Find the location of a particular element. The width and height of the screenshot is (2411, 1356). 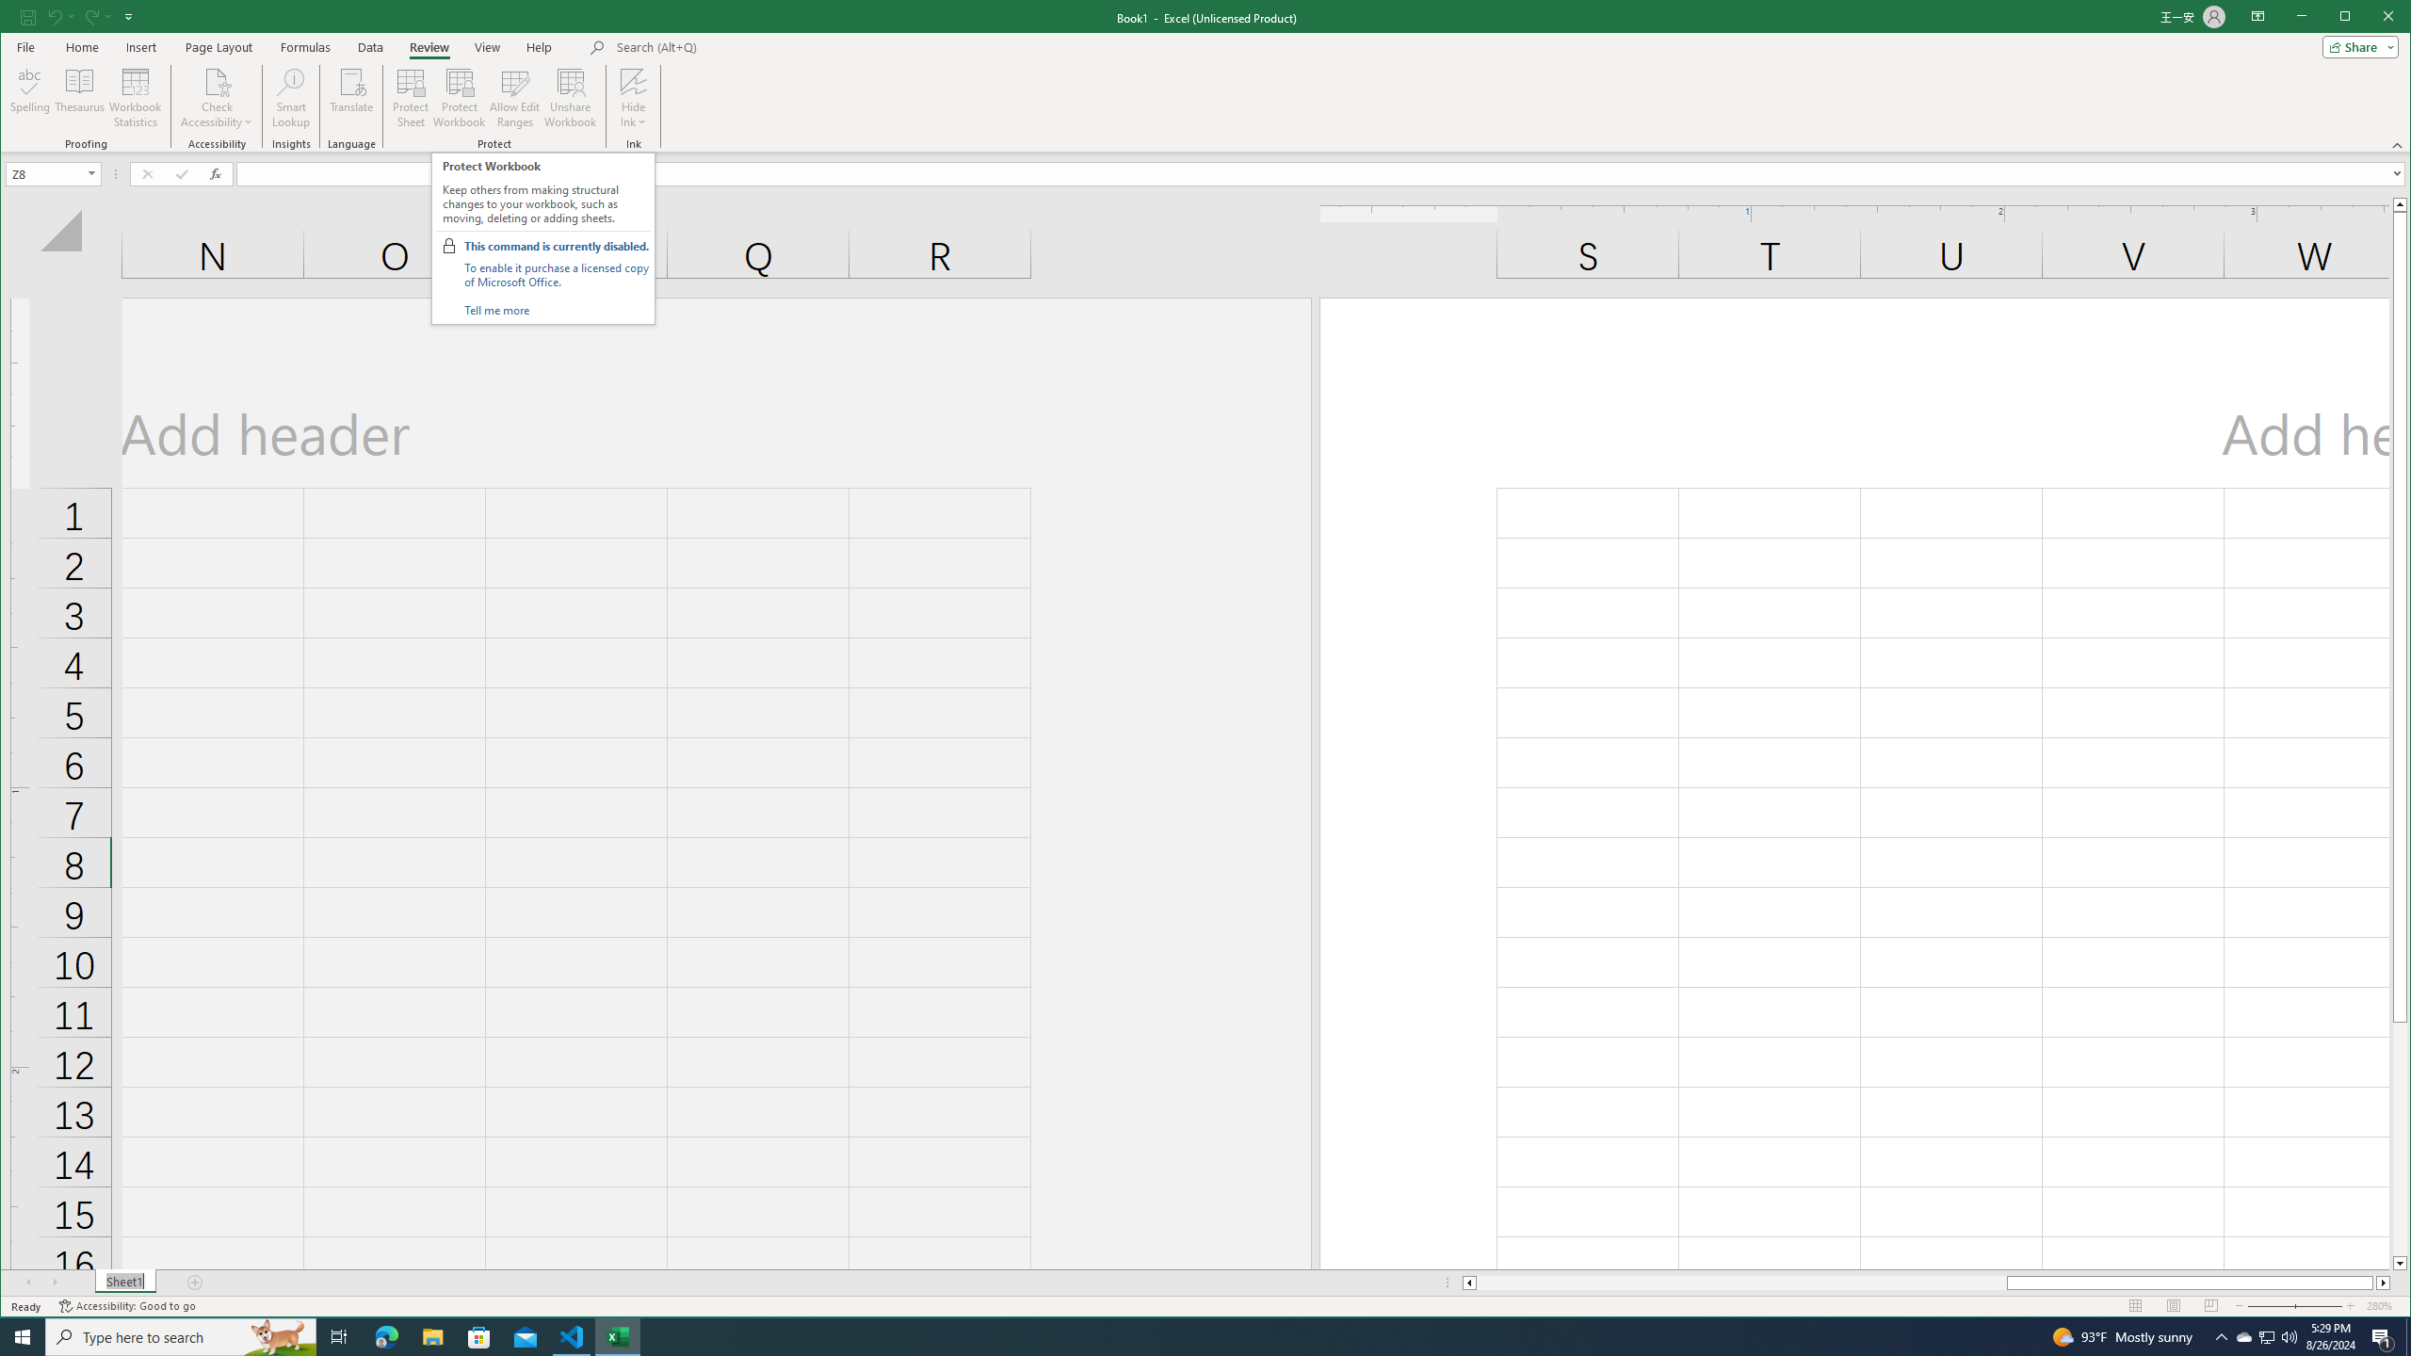

'Home' is located at coordinates (81, 46).